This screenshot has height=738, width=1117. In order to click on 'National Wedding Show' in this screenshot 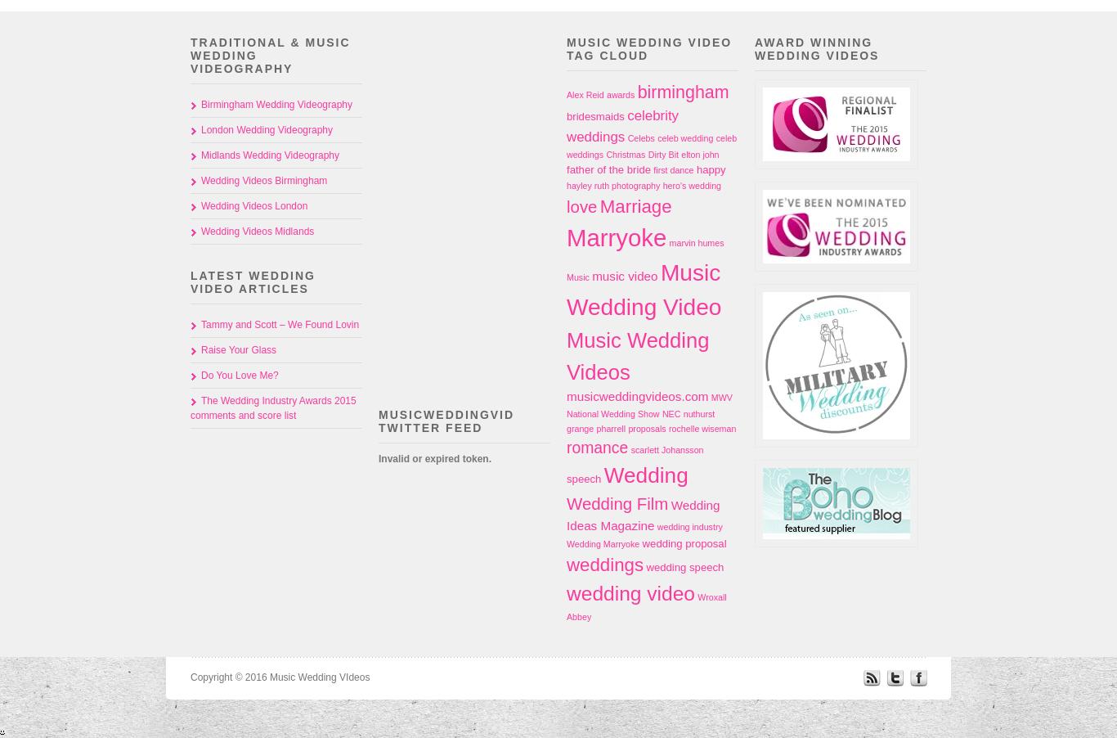, I will do `click(566, 412)`.